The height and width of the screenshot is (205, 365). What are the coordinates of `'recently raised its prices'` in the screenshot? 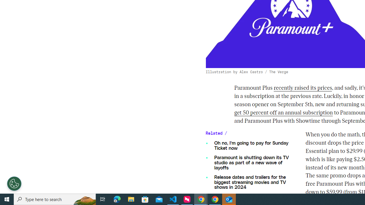 It's located at (302, 88).